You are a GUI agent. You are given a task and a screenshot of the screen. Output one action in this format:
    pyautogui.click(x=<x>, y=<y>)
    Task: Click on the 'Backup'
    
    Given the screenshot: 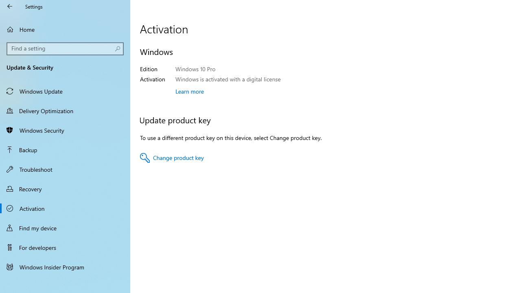 What is the action you would take?
    pyautogui.click(x=65, y=149)
    